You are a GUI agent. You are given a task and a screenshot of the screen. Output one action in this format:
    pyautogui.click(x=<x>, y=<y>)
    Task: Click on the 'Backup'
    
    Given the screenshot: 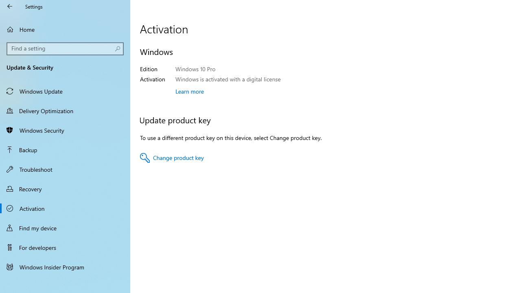 What is the action you would take?
    pyautogui.click(x=65, y=149)
    